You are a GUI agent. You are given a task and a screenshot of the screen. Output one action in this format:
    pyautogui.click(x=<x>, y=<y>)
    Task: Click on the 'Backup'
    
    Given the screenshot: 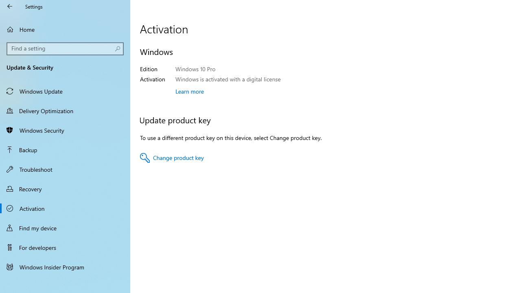 What is the action you would take?
    pyautogui.click(x=65, y=149)
    